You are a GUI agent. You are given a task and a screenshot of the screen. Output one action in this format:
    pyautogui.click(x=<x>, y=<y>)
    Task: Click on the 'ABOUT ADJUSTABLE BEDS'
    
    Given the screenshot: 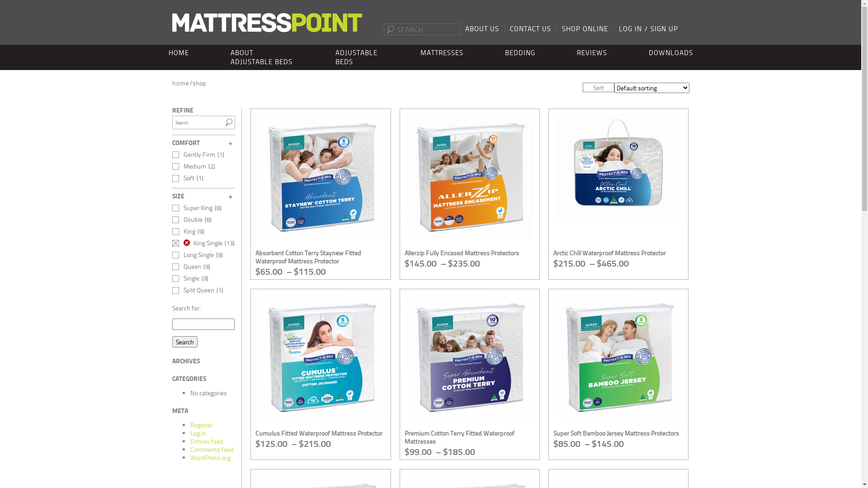 What is the action you would take?
    pyautogui.click(x=262, y=57)
    